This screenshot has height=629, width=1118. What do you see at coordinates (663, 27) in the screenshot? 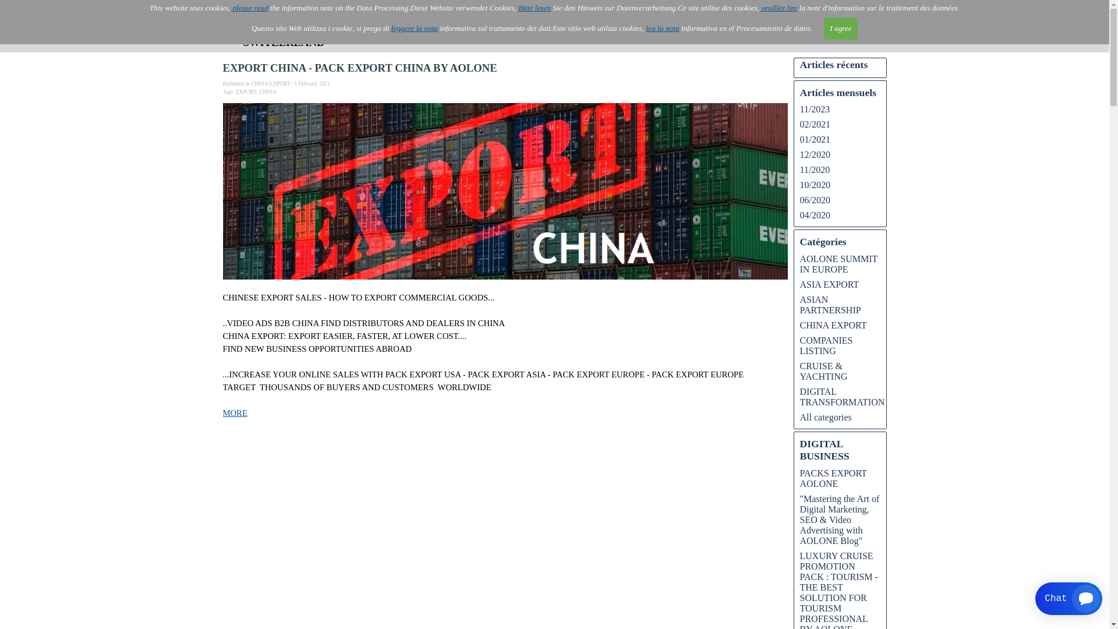
I see `'lea la nota'` at bounding box center [663, 27].